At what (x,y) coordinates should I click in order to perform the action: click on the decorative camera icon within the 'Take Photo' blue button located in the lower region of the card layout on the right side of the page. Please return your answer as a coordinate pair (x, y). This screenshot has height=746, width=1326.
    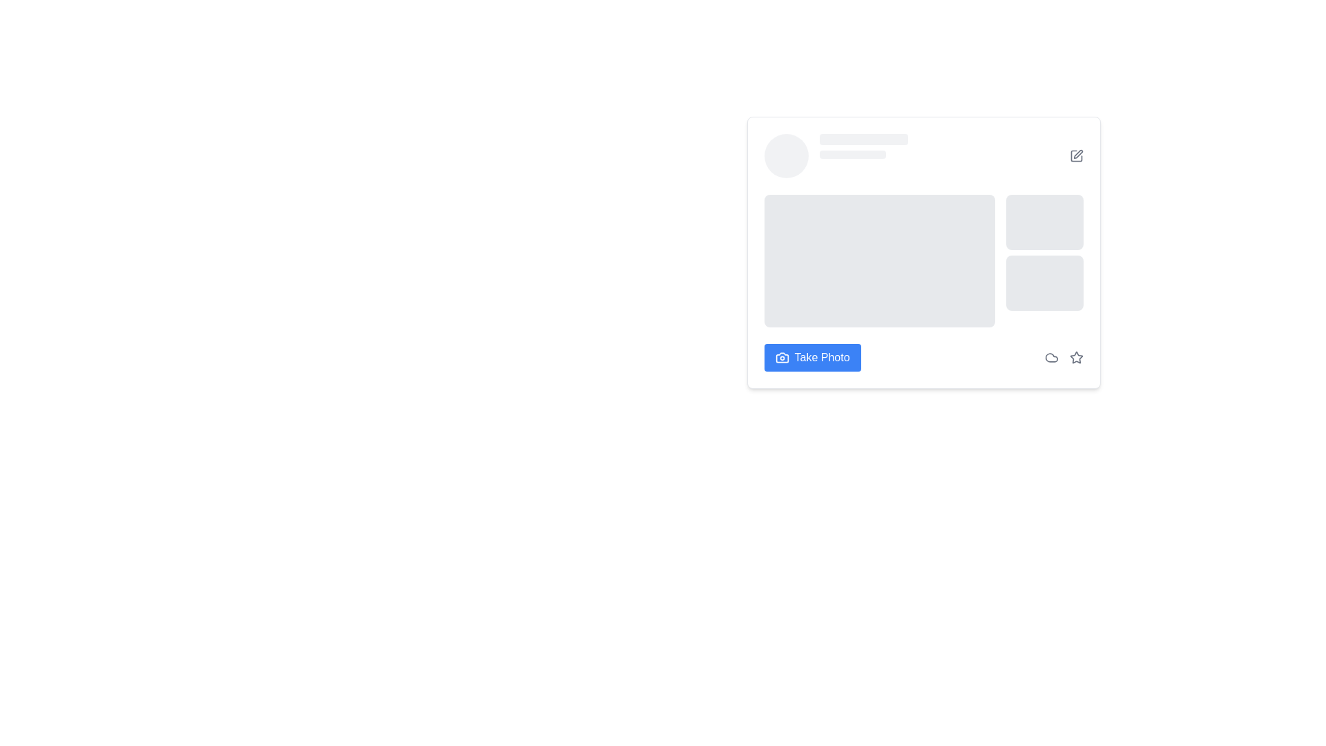
    Looking at the image, I should click on (782, 356).